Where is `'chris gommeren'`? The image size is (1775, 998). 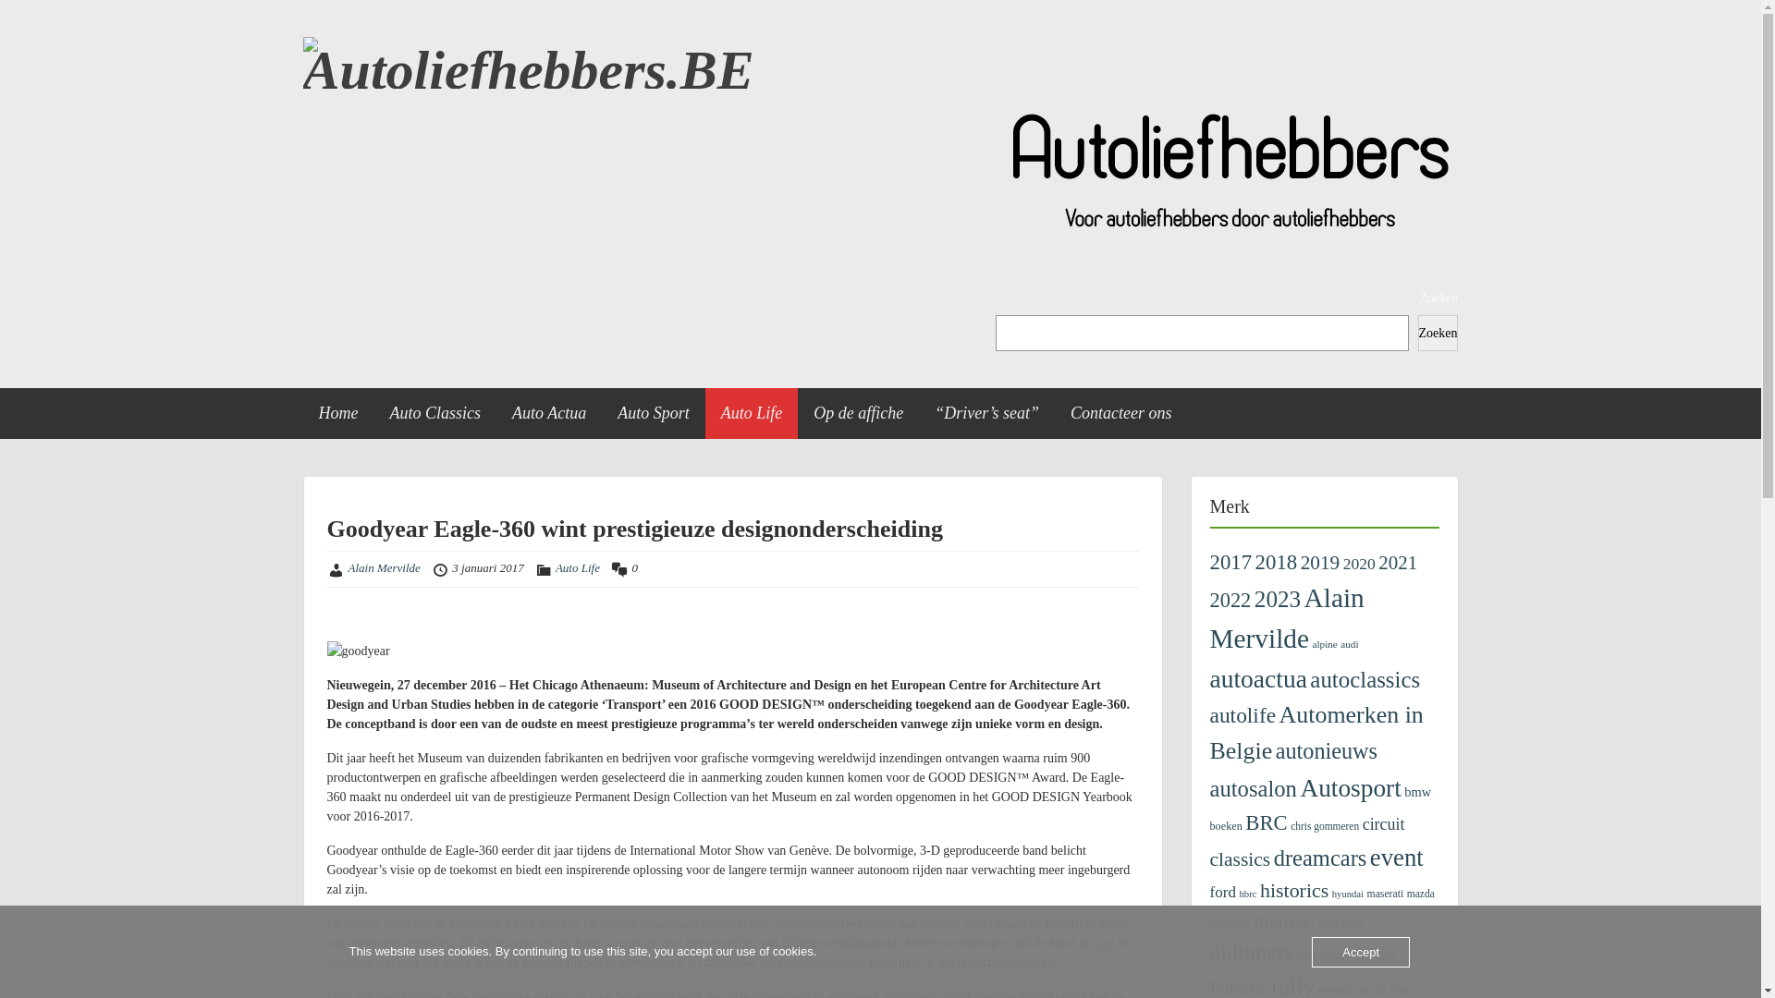
'chris gommeren' is located at coordinates (1324, 825).